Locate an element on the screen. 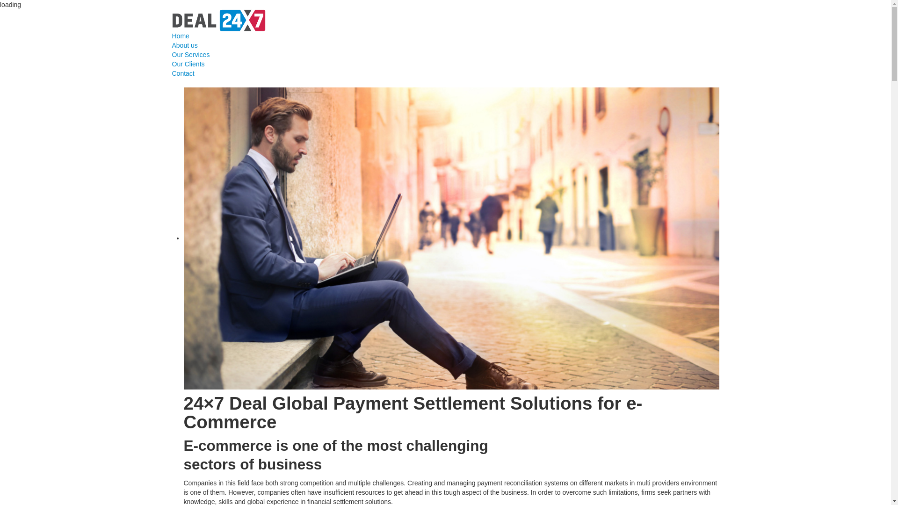  'Home' is located at coordinates (445, 36).